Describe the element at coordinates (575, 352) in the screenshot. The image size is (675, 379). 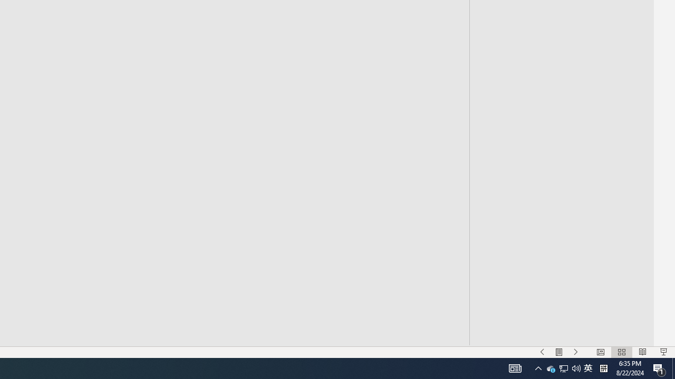
I see `'Slide Show Next On'` at that location.